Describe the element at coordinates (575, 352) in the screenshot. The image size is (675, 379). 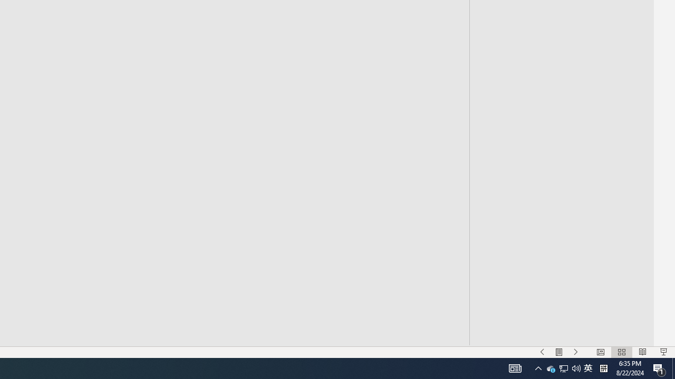
I see `'Slide Show Next On'` at that location.